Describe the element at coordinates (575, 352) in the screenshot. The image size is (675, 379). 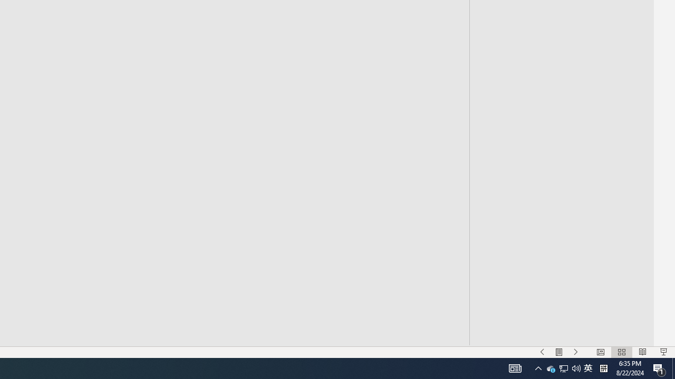
I see `'Slide Show Next On'` at that location.